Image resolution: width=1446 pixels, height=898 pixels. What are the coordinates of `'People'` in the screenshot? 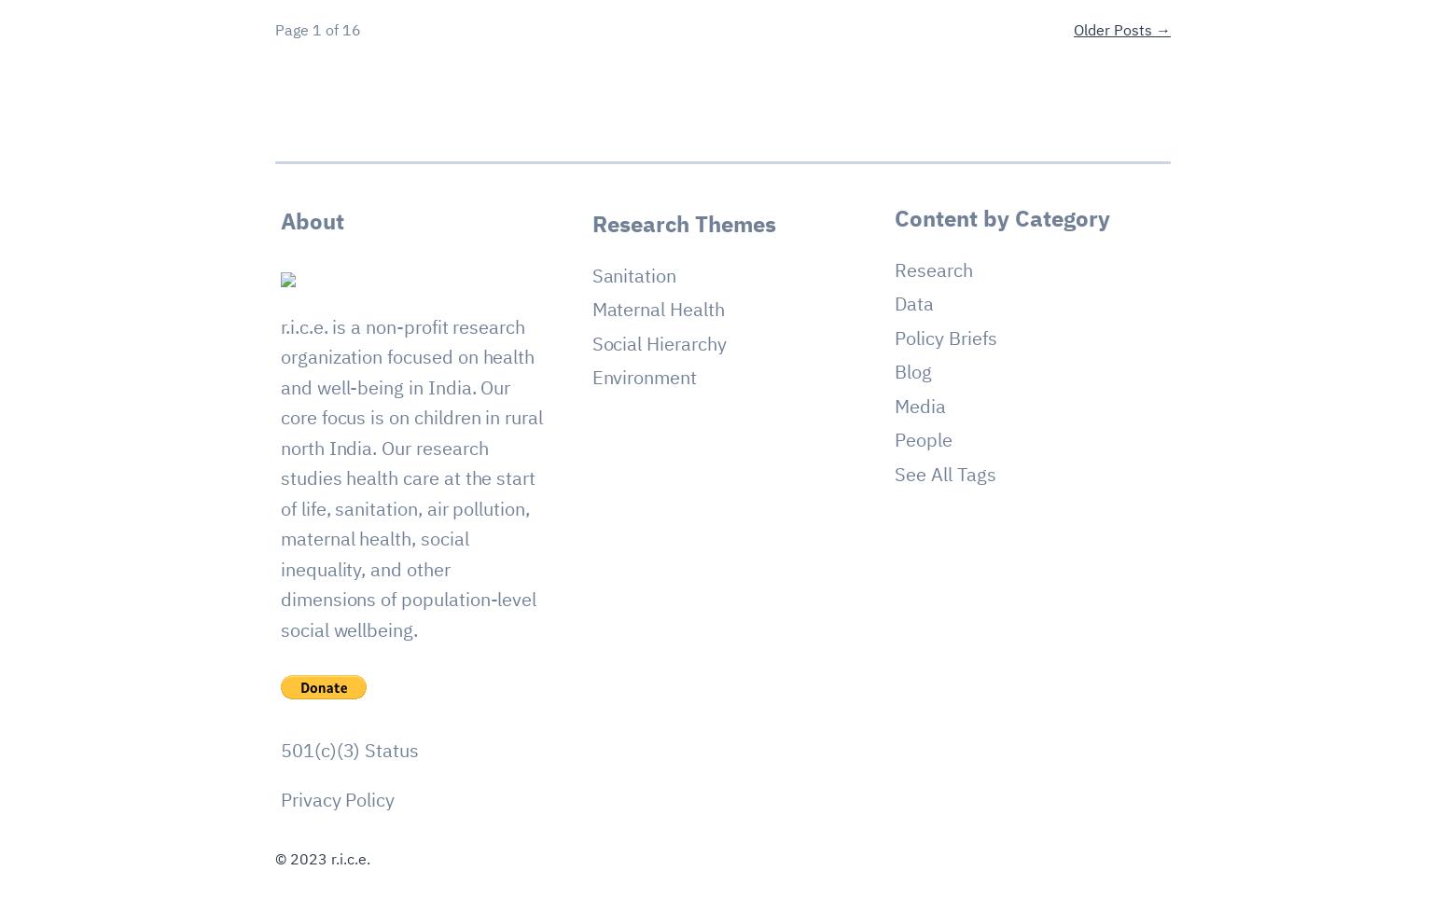 It's located at (922, 438).